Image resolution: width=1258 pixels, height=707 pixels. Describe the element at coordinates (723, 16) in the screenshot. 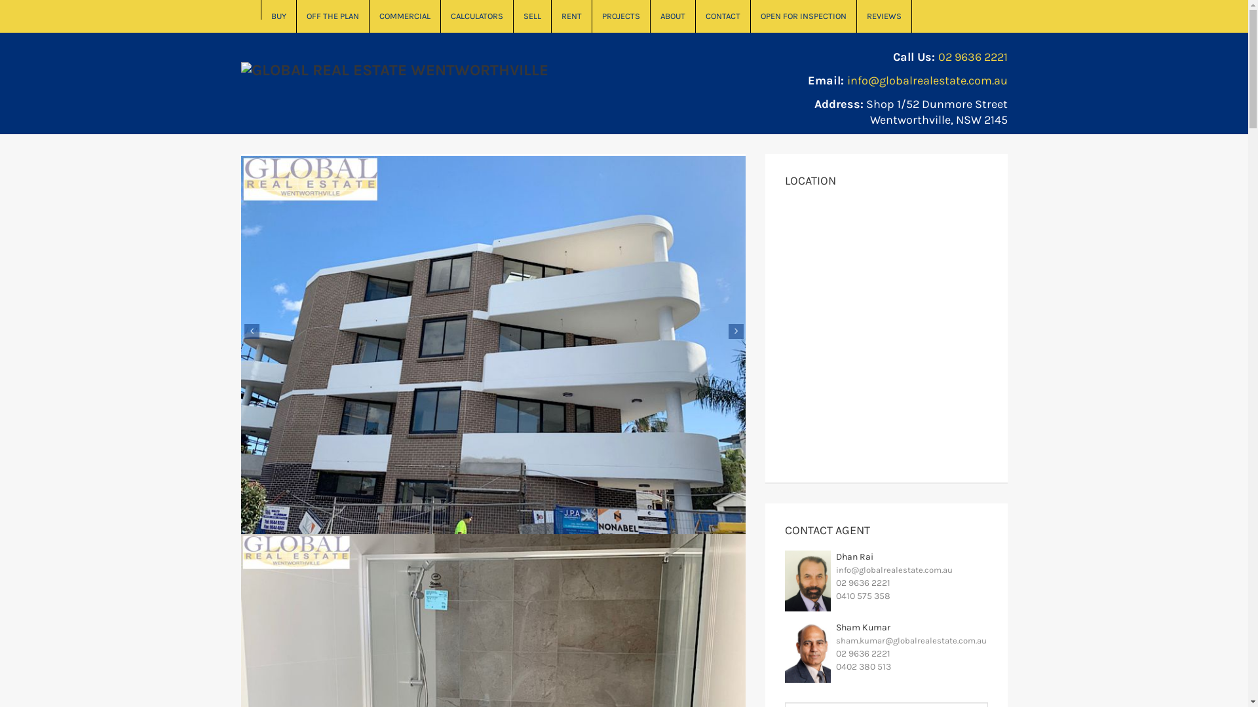

I see `'CONTACT'` at that location.